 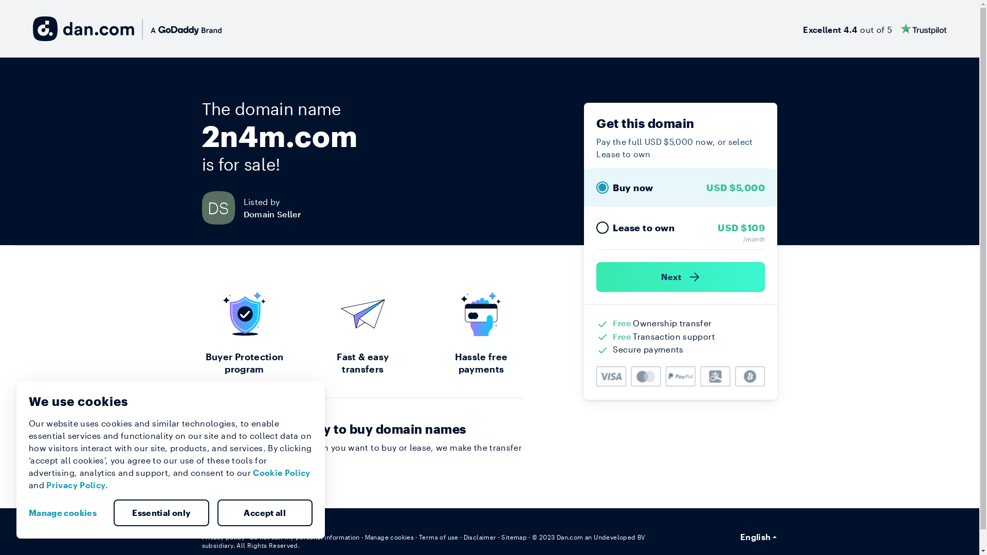 What do you see at coordinates (389, 536) in the screenshot?
I see `'Manage cookies'` at bounding box center [389, 536].